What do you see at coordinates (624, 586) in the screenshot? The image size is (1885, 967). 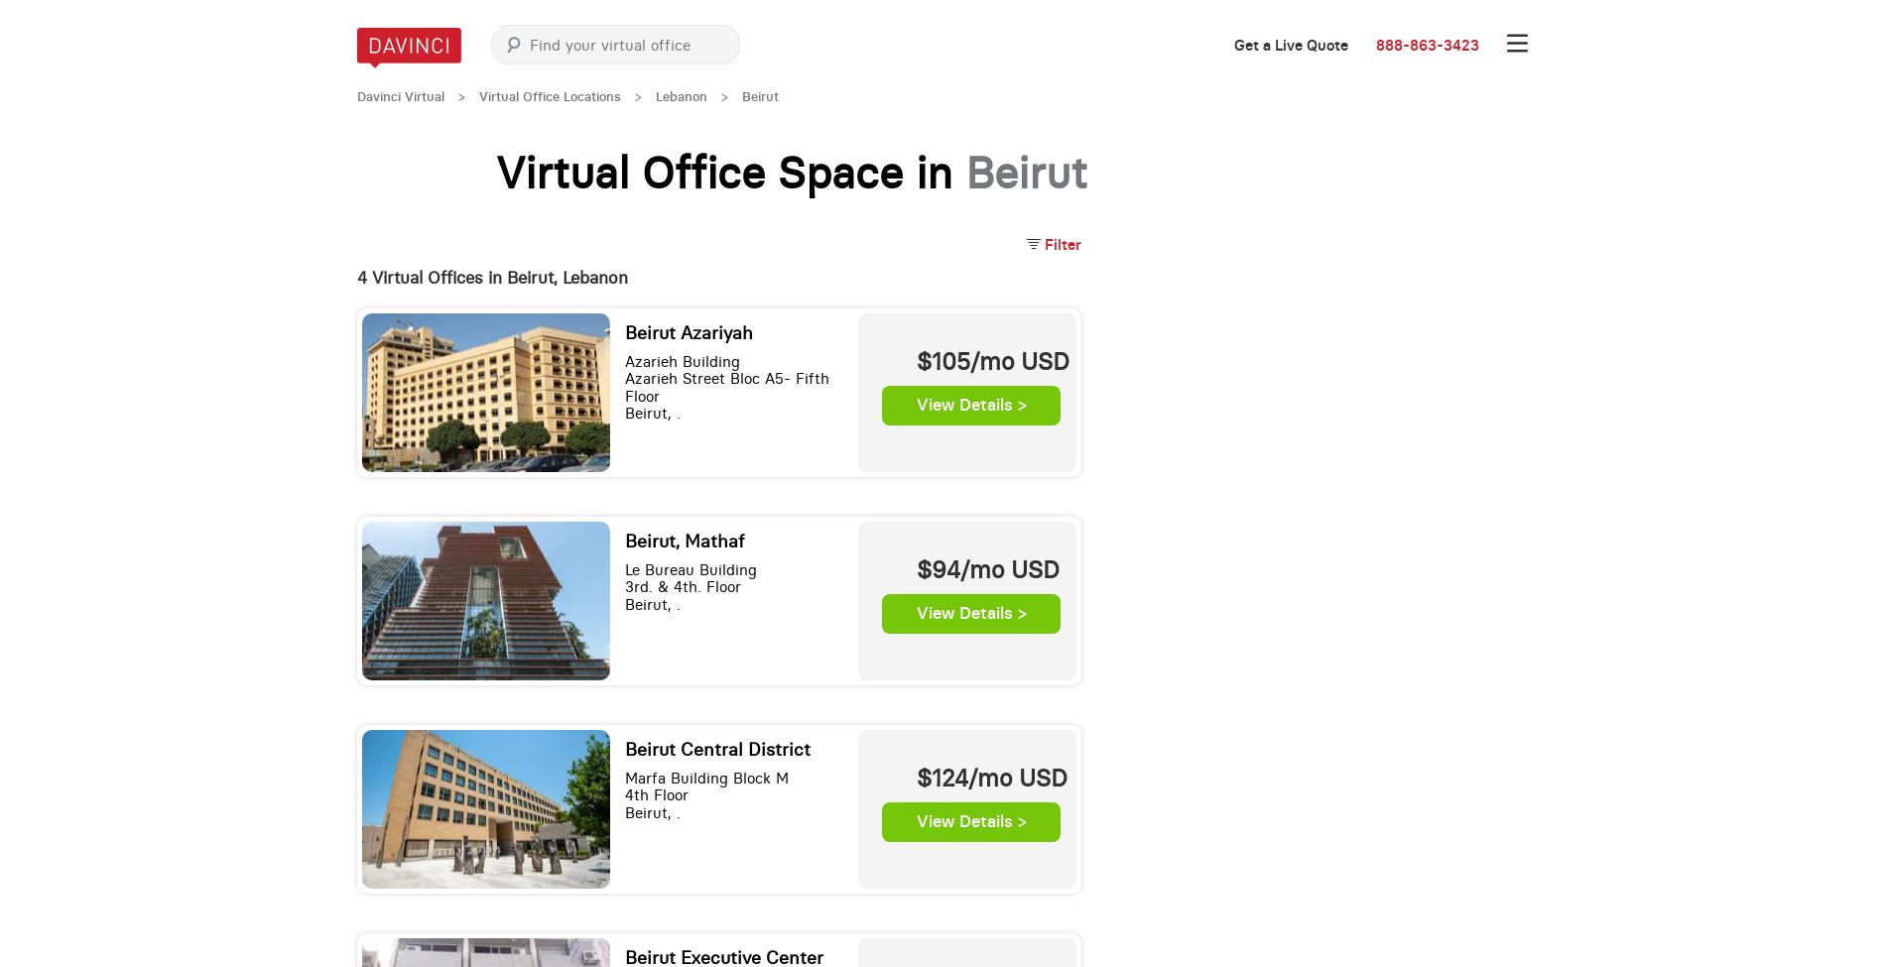 I see `'3rd. & 4th. Floor'` at bounding box center [624, 586].